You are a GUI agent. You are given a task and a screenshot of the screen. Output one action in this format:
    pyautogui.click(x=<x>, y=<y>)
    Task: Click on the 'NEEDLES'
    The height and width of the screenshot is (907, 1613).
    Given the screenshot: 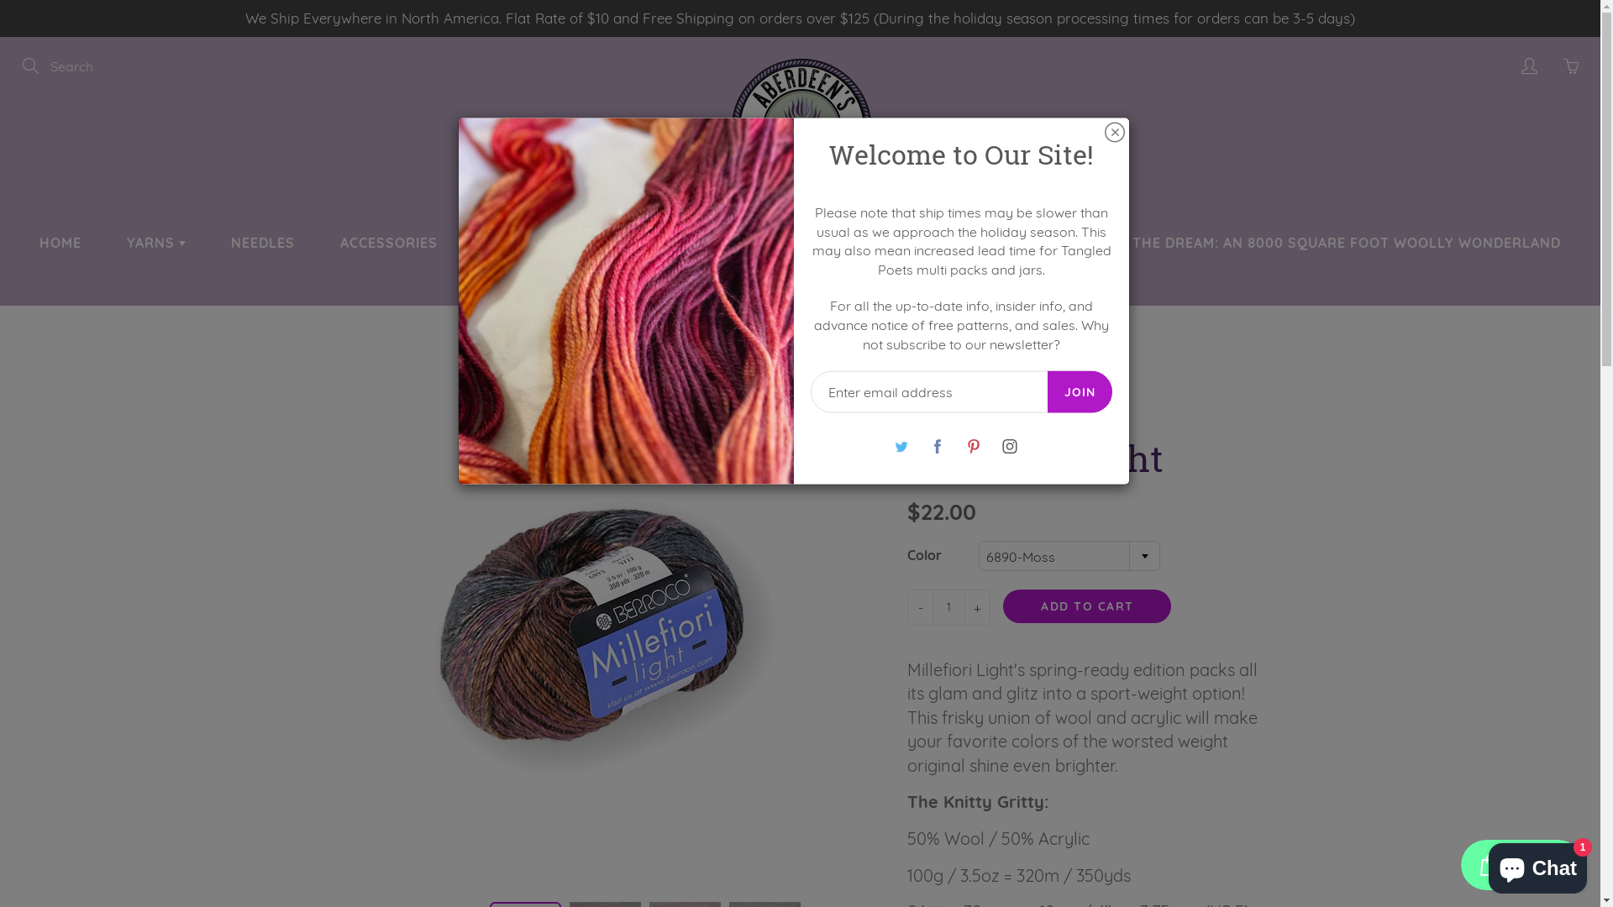 What is the action you would take?
    pyautogui.click(x=261, y=243)
    